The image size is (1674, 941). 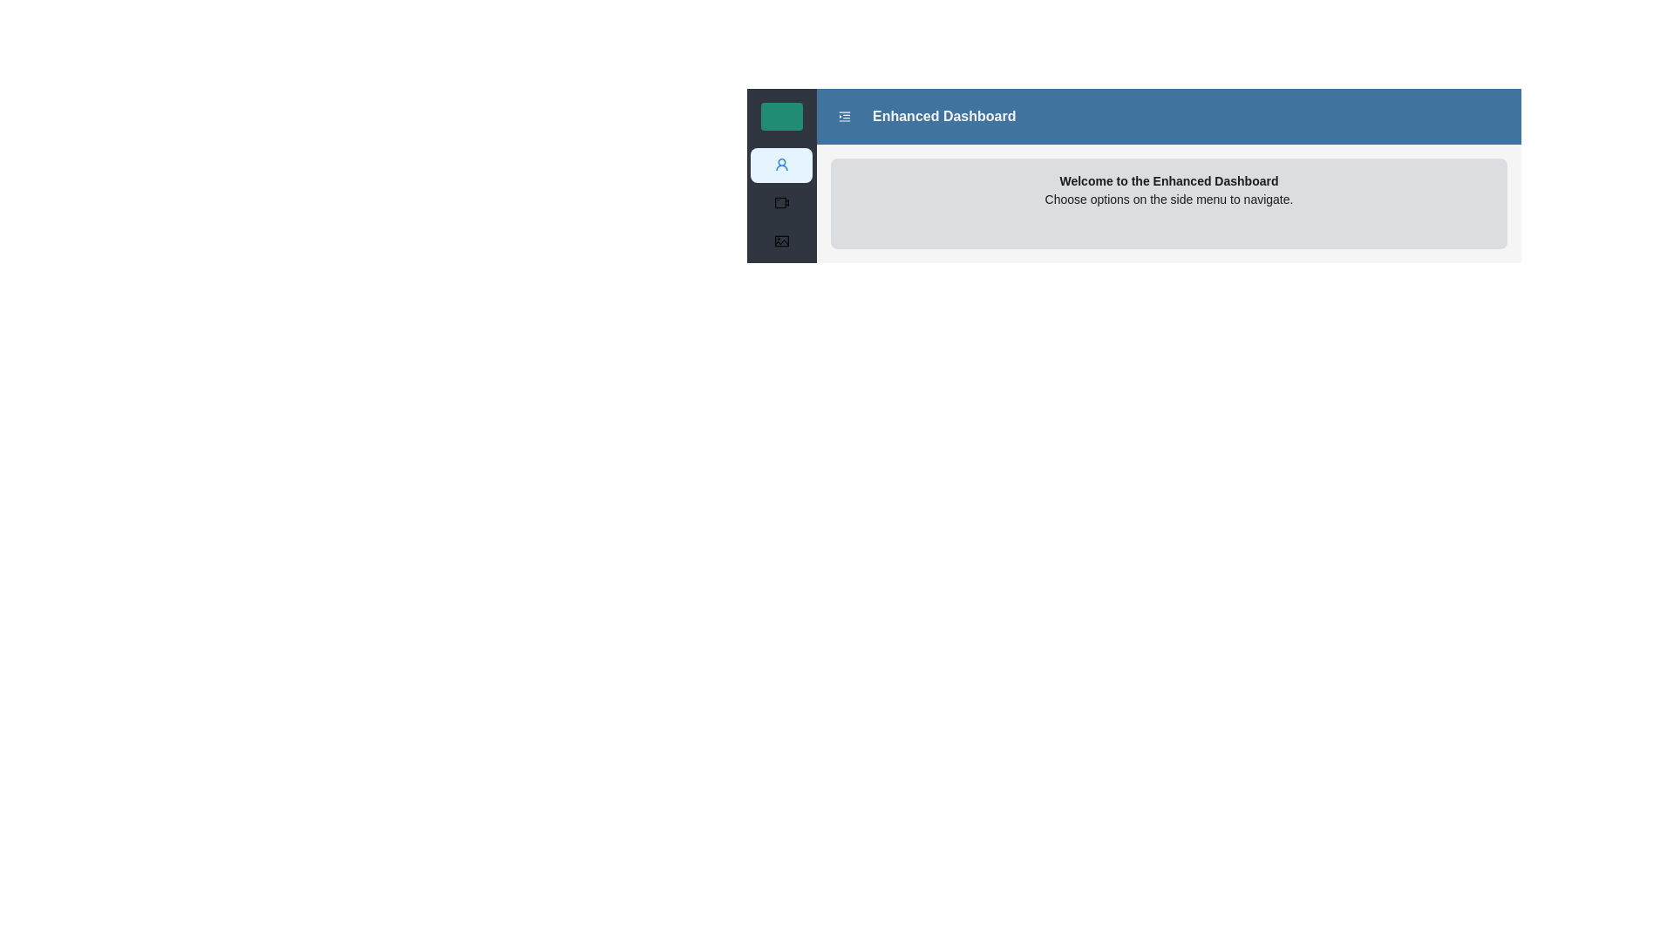 What do you see at coordinates (780, 203) in the screenshot?
I see `the 'Videos' menu item, which has a dark background and a camera icon, located in the vertical sidebar menu below the 'Profile' item` at bounding box center [780, 203].